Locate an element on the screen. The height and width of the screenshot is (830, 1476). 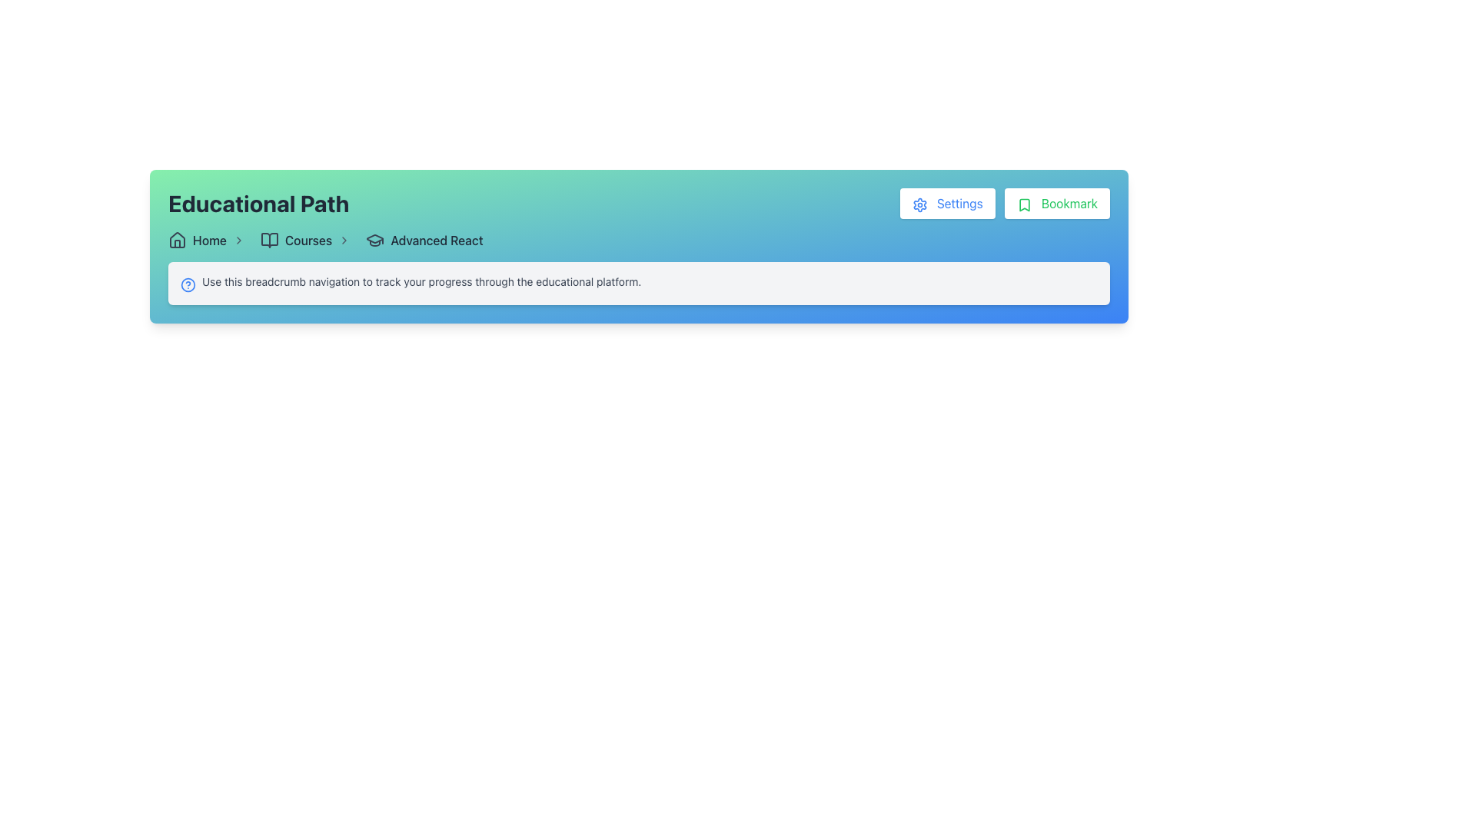
the green 'Bookmark' button located in the top-right section of the interface is located at coordinates (1056, 203).